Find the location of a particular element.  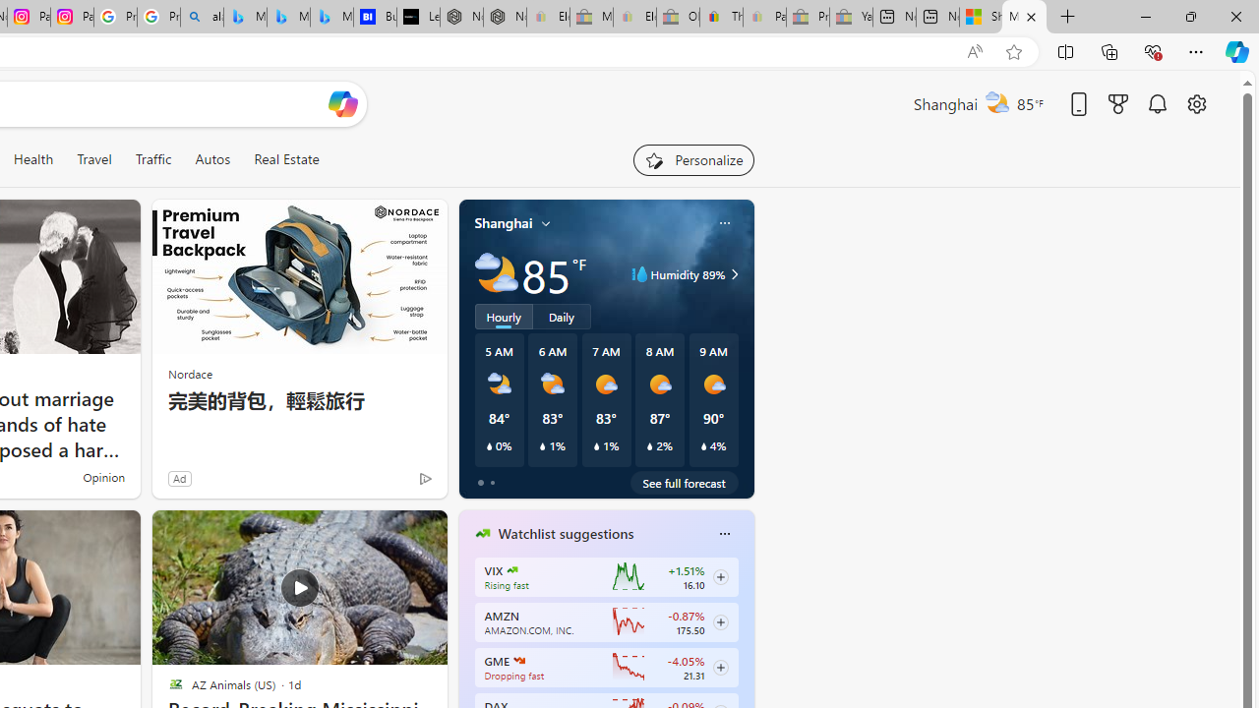

'Shanghai, China hourly forecast | Microsoft Weather' is located at coordinates (981, 17).